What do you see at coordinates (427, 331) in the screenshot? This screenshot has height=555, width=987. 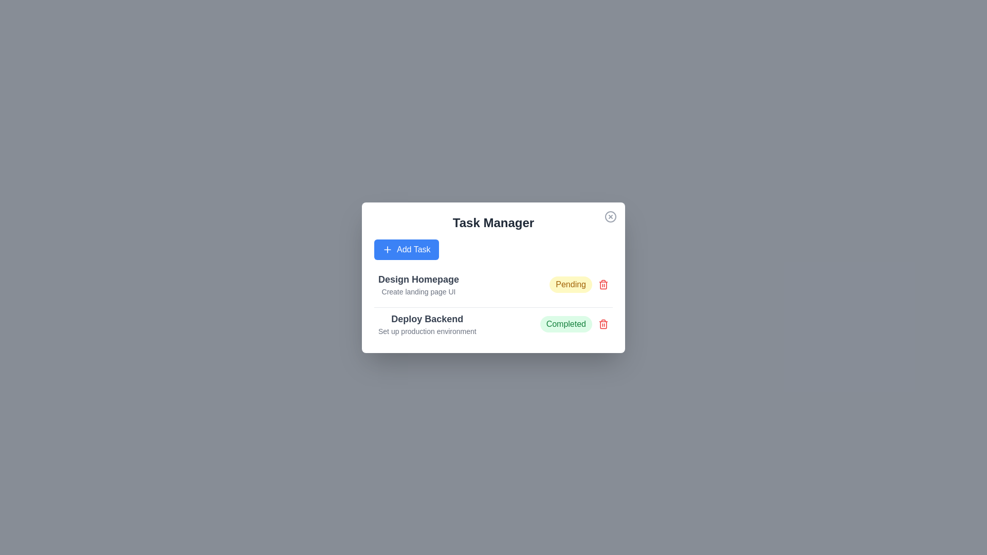 I see `the static text label that provides supplementary details for the 'Deploy Backend' task, located directly below the 'Deploy Backend' heading in the task entry` at bounding box center [427, 331].